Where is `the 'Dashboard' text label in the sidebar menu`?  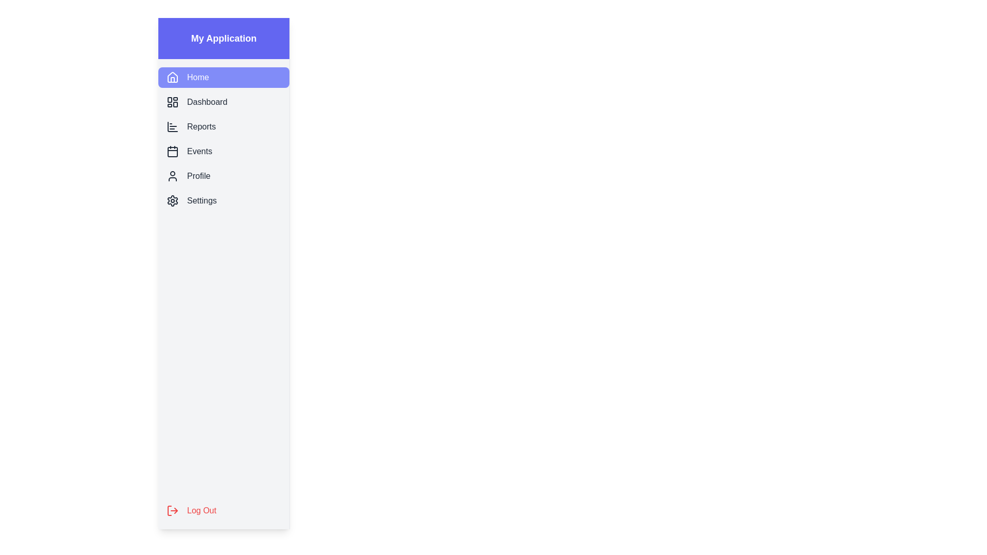
the 'Dashboard' text label in the sidebar menu is located at coordinates (207, 102).